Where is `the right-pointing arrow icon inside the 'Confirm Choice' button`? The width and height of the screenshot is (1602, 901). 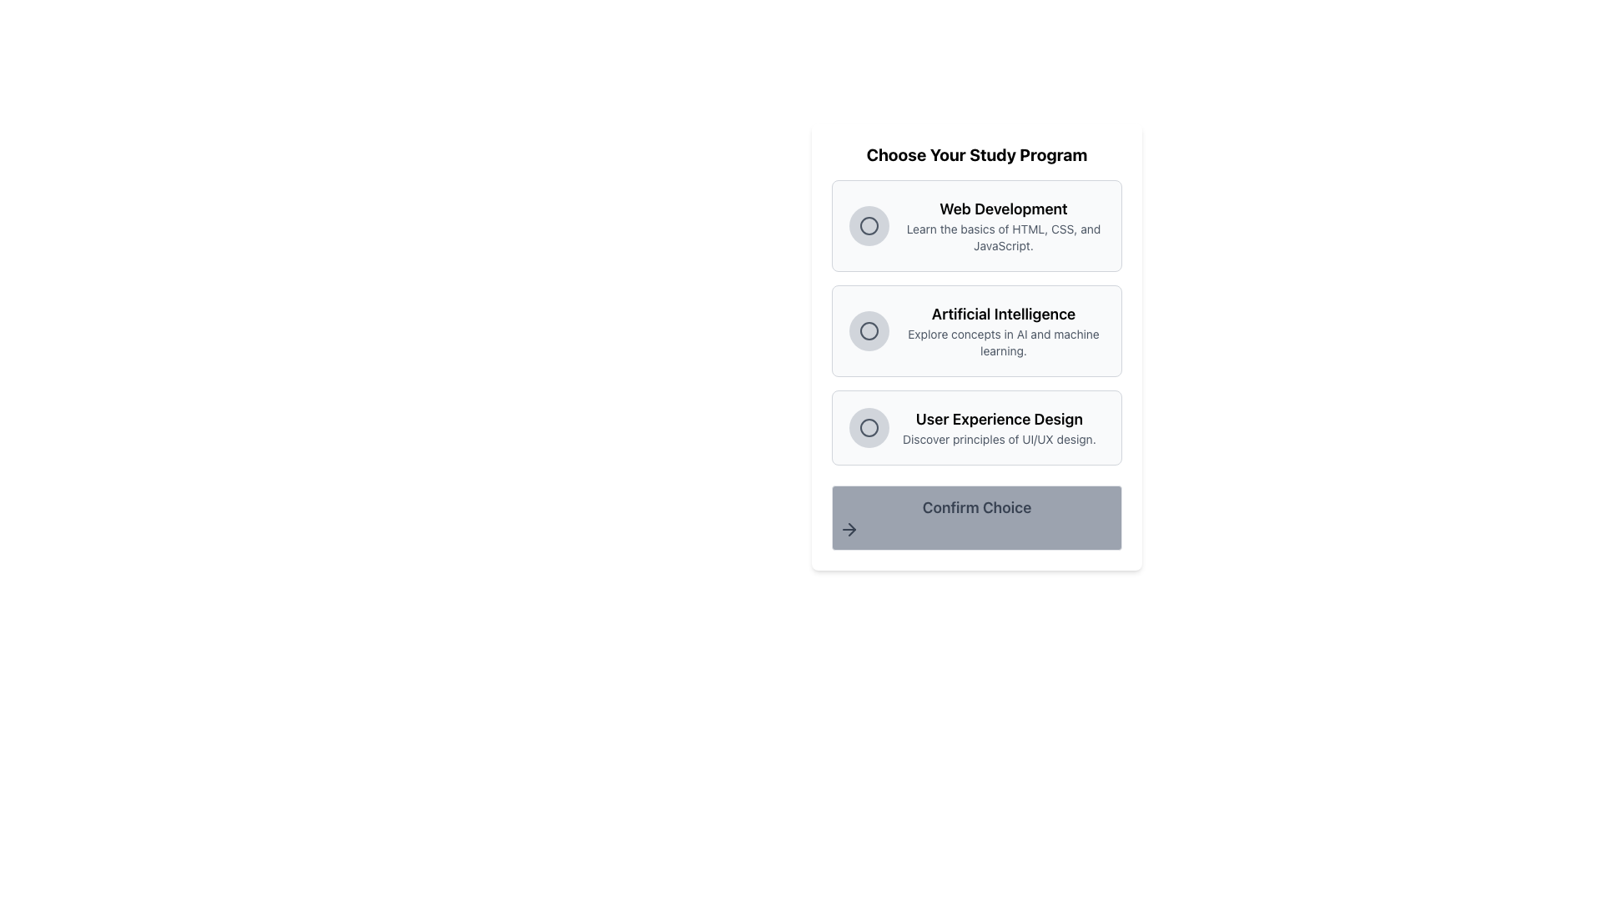 the right-pointing arrow icon inside the 'Confirm Choice' button is located at coordinates (849, 530).